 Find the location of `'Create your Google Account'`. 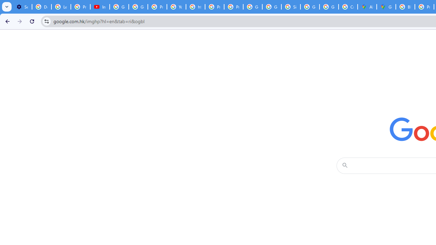

'Create your Google Account' is located at coordinates (348, 7).